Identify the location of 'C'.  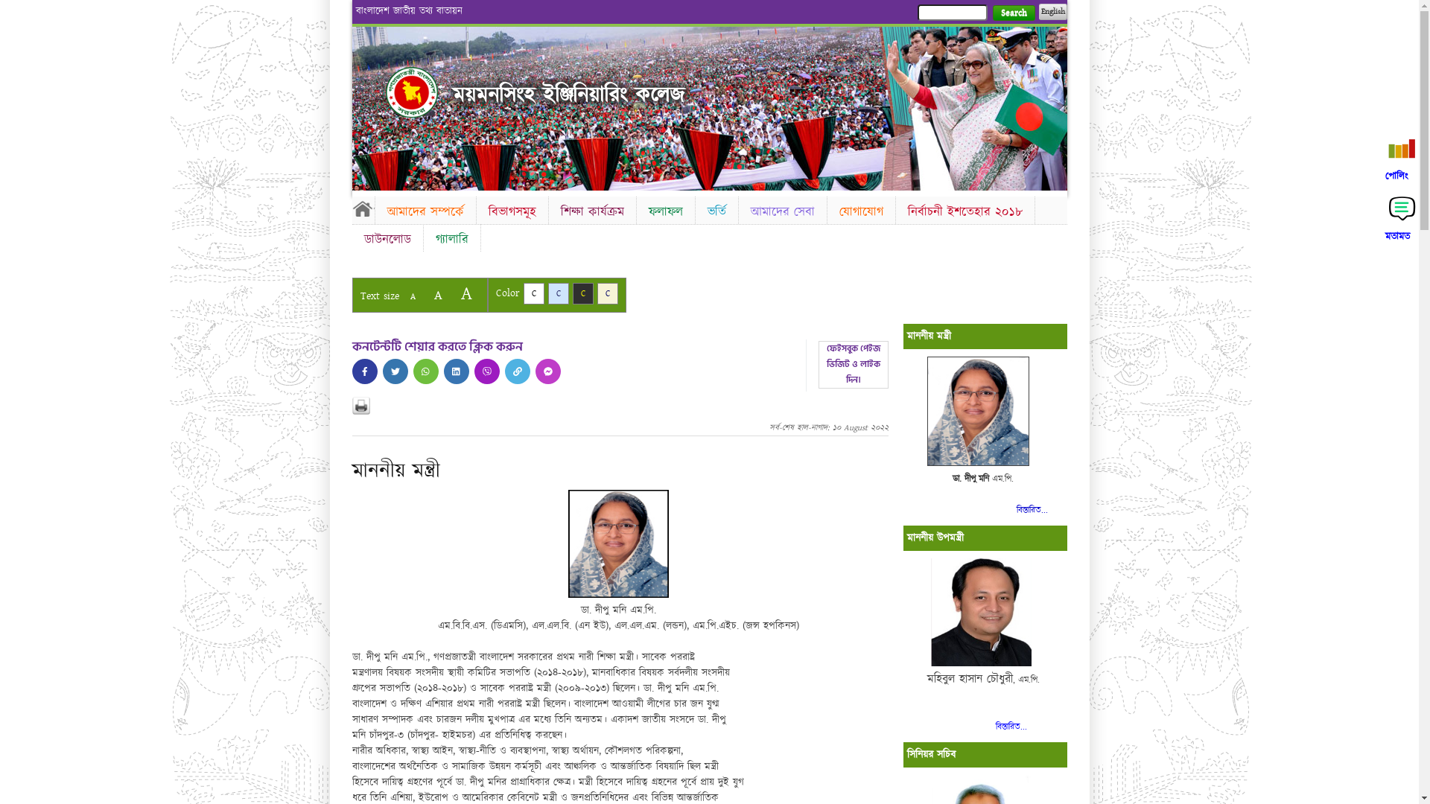
(608, 293).